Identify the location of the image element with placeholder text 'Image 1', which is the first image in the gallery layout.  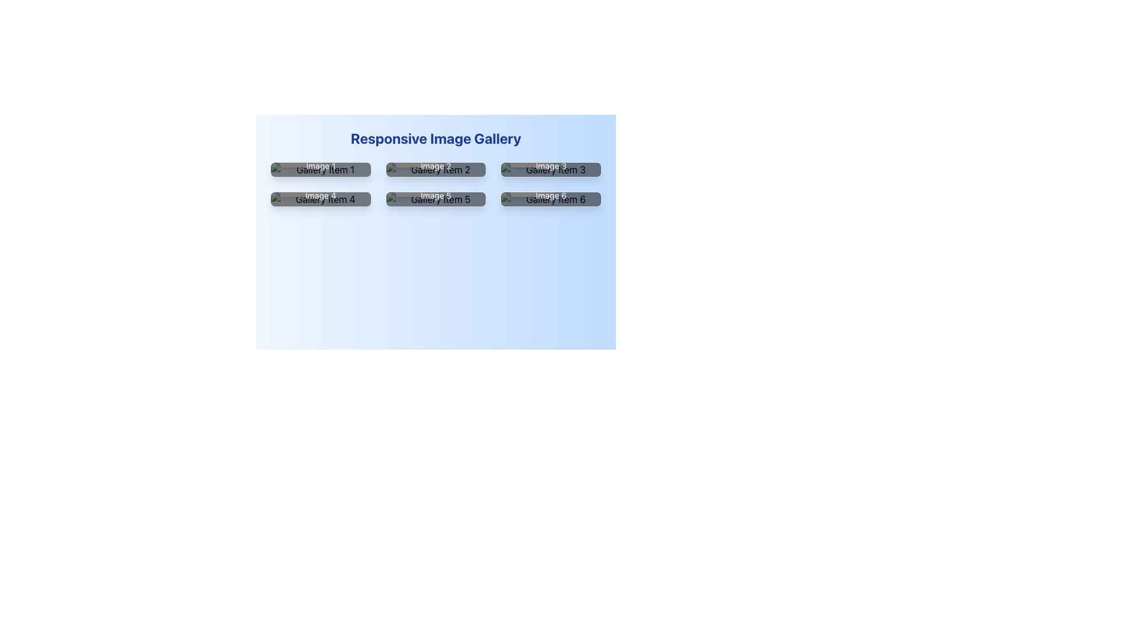
(321, 169).